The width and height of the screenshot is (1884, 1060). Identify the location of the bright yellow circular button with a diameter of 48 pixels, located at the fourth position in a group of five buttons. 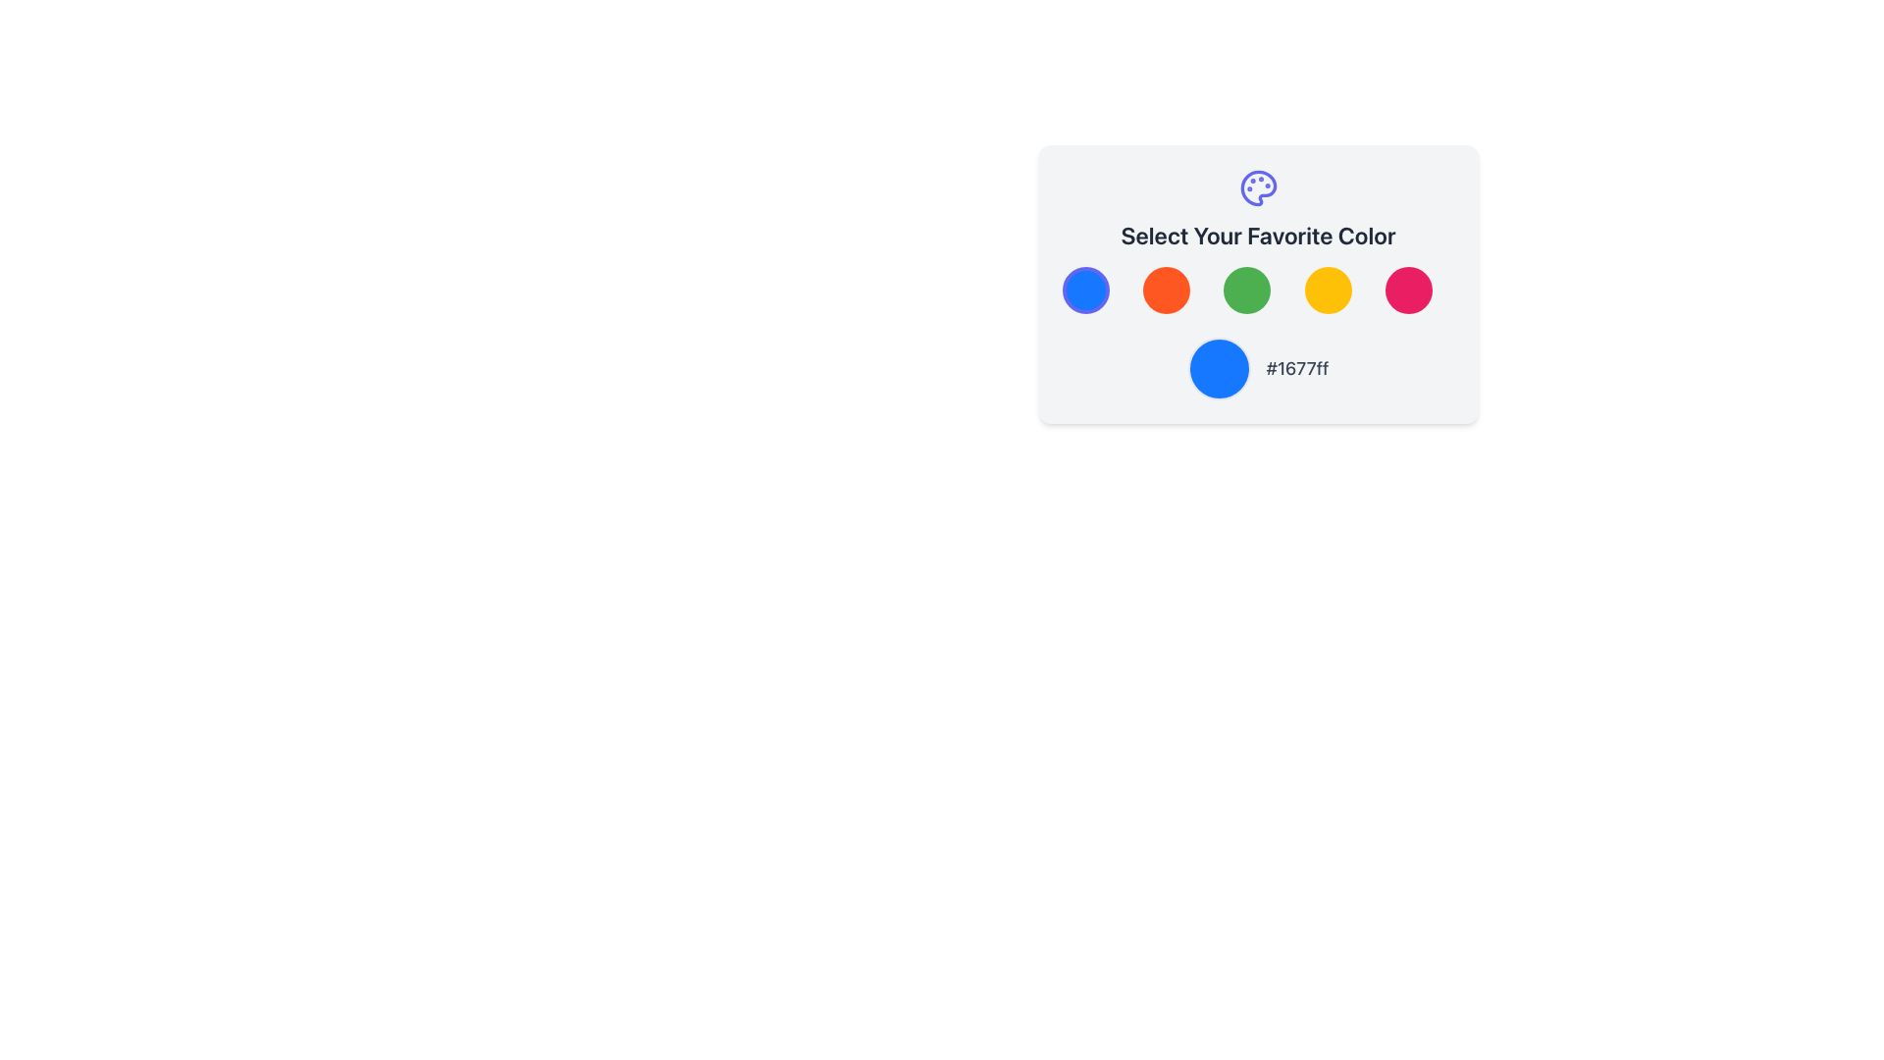
(1328, 291).